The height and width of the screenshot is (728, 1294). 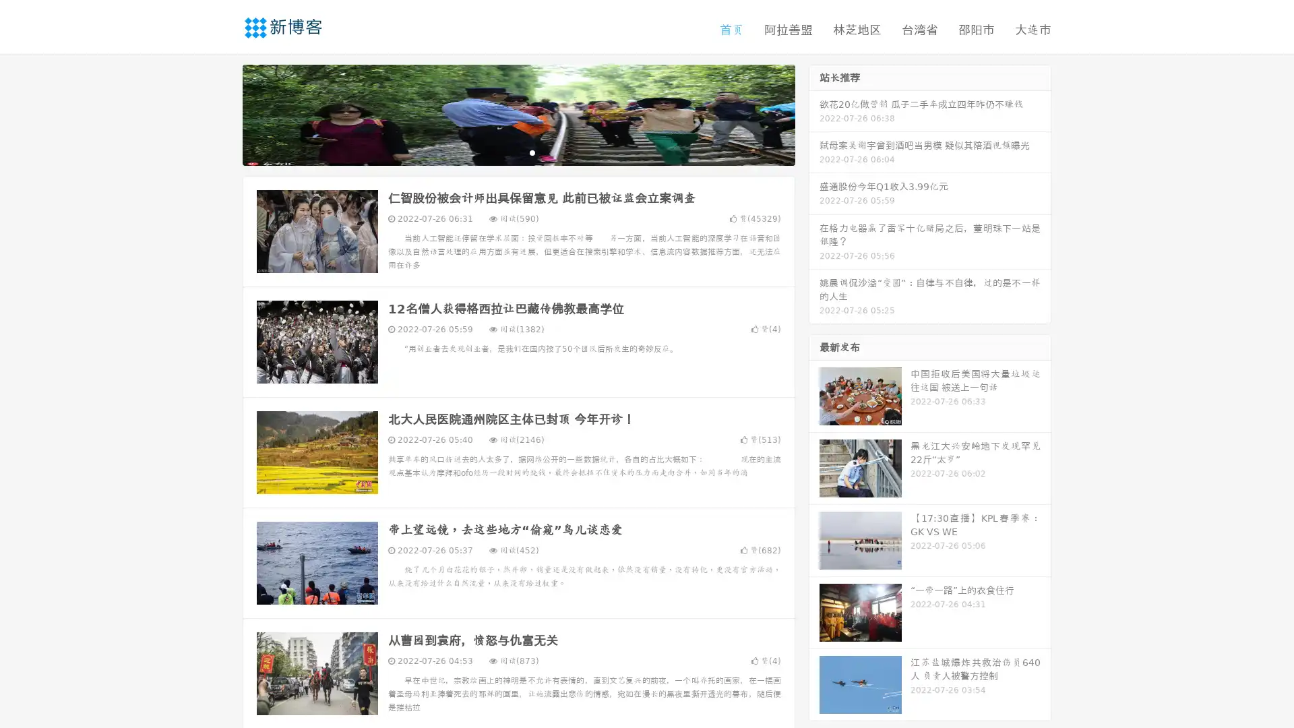 What do you see at coordinates (504, 152) in the screenshot?
I see `Go to slide 1` at bounding box center [504, 152].